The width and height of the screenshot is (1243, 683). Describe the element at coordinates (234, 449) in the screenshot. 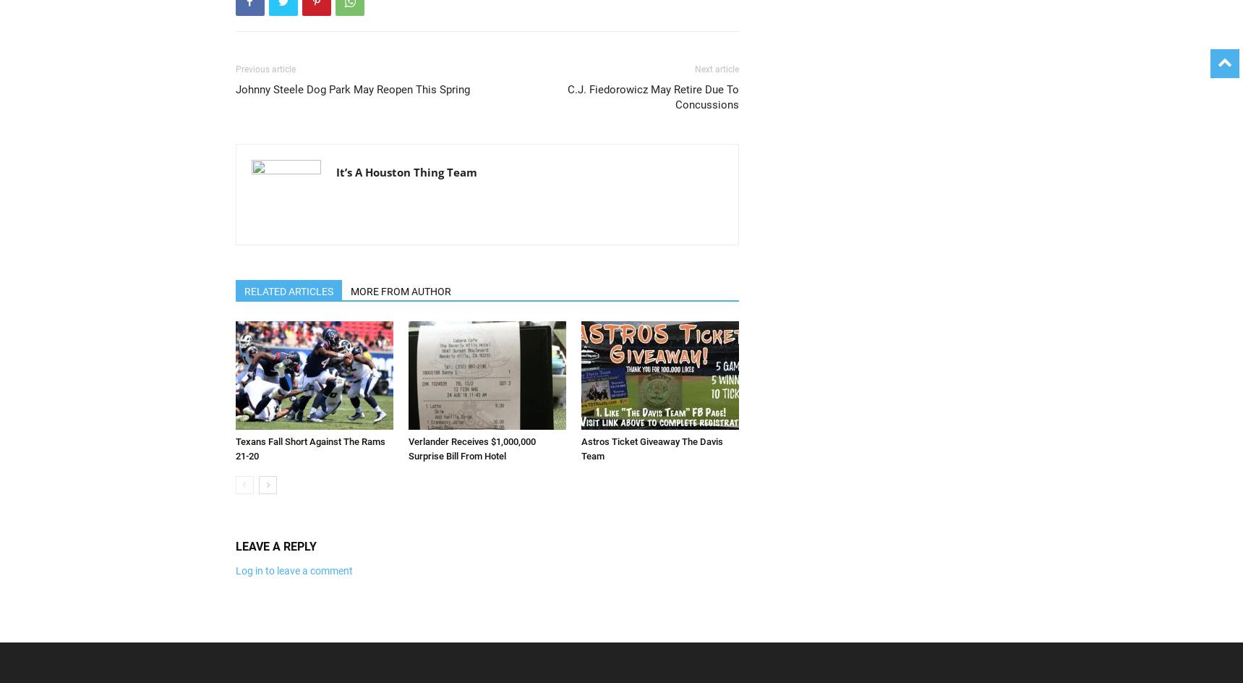

I see `'Texans Fall Short Against The Rams 21-20'` at that location.